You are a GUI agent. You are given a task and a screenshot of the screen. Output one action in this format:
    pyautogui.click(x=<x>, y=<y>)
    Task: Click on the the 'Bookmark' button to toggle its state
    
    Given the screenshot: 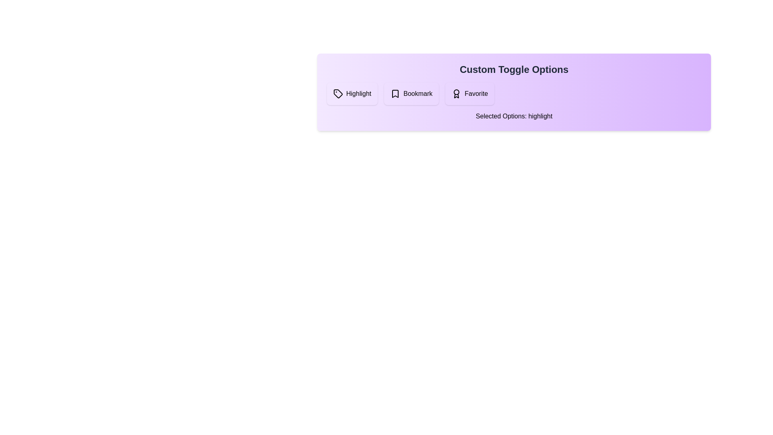 What is the action you would take?
    pyautogui.click(x=411, y=93)
    